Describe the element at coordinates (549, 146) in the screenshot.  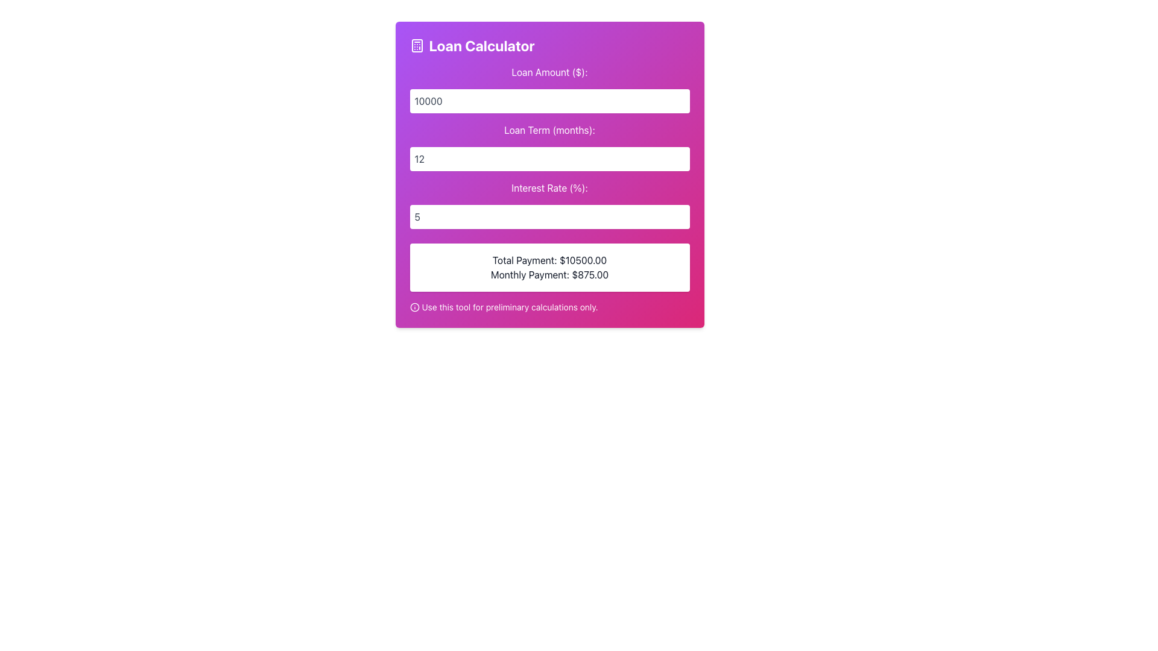
I see `the labels in the Loan Calculator Form Section` at that location.